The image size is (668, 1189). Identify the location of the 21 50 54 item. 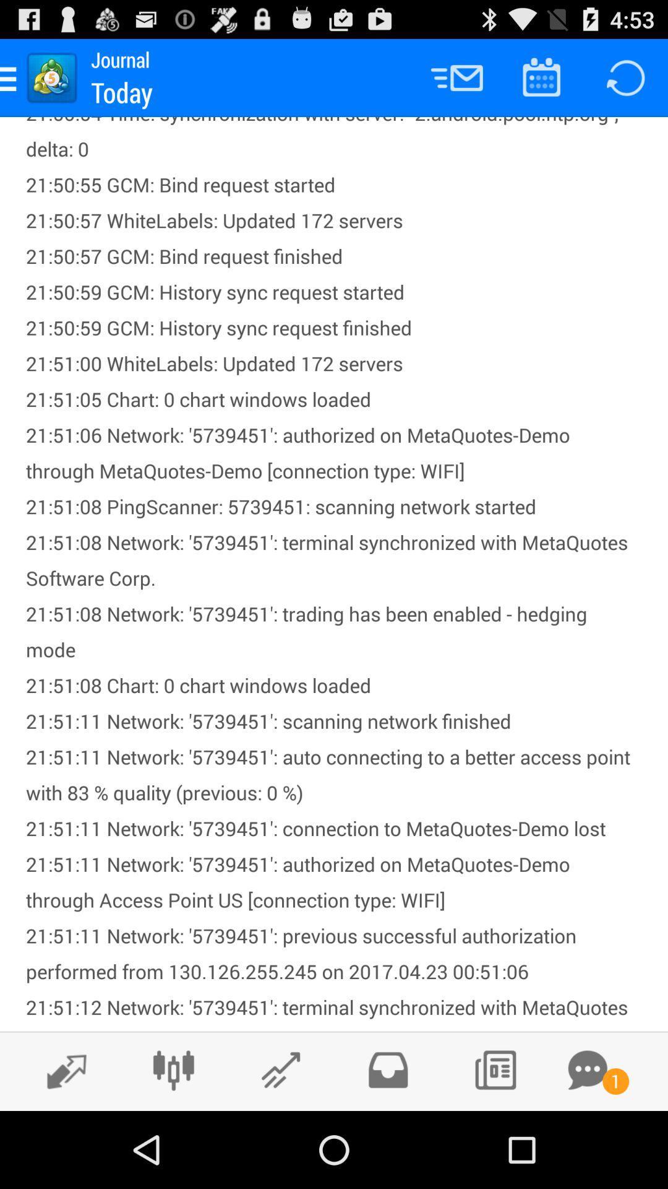
(334, 573).